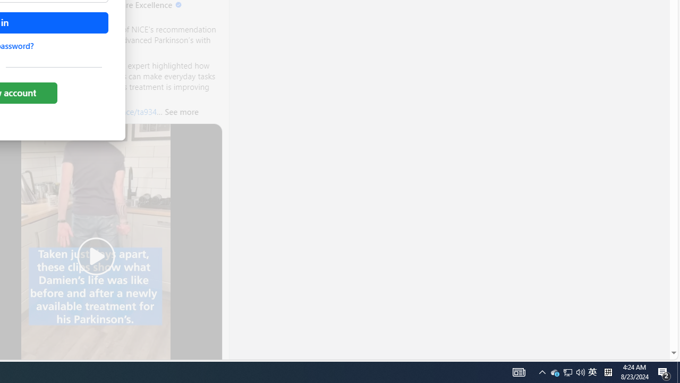 The width and height of the screenshot is (680, 383). I want to click on 'Tray Input Indicator - Chinese (Simplified, China)', so click(580, 371).